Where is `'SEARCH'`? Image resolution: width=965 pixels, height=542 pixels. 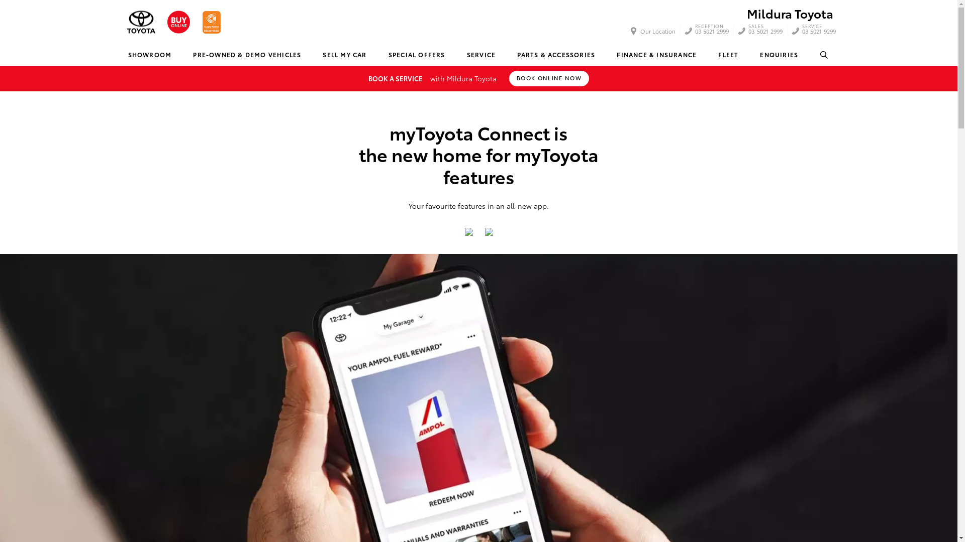
'SEARCH' is located at coordinates (824, 55).